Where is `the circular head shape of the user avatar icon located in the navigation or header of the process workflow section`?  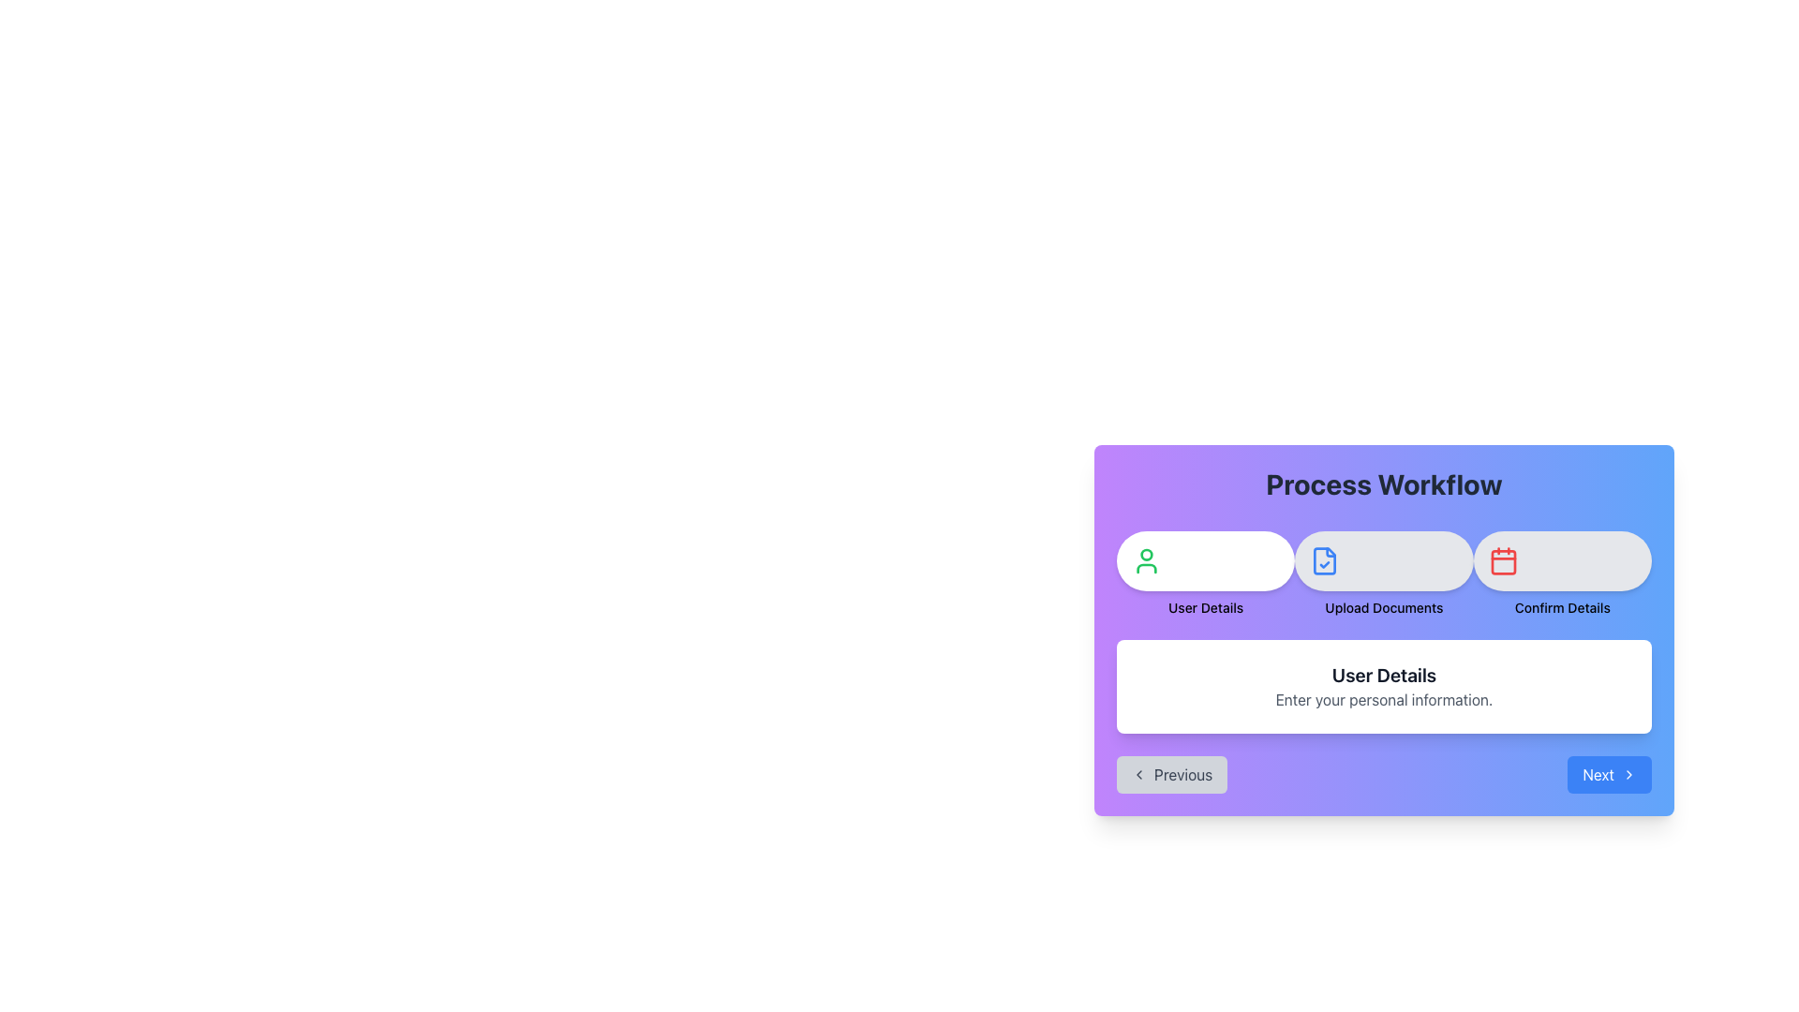
the circular head shape of the user avatar icon located in the navigation or header of the process workflow section is located at coordinates (1146, 553).